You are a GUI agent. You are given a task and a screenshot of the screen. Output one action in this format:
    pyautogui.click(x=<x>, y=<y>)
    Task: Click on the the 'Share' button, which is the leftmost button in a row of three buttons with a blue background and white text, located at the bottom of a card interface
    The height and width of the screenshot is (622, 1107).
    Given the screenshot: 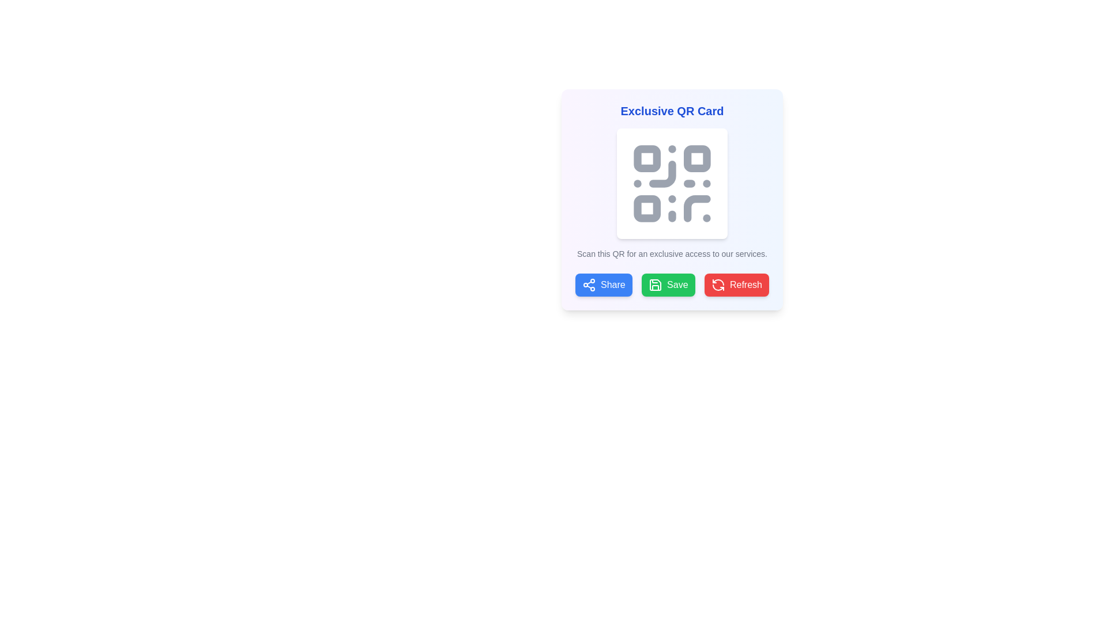 What is the action you would take?
    pyautogui.click(x=603, y=285)
    